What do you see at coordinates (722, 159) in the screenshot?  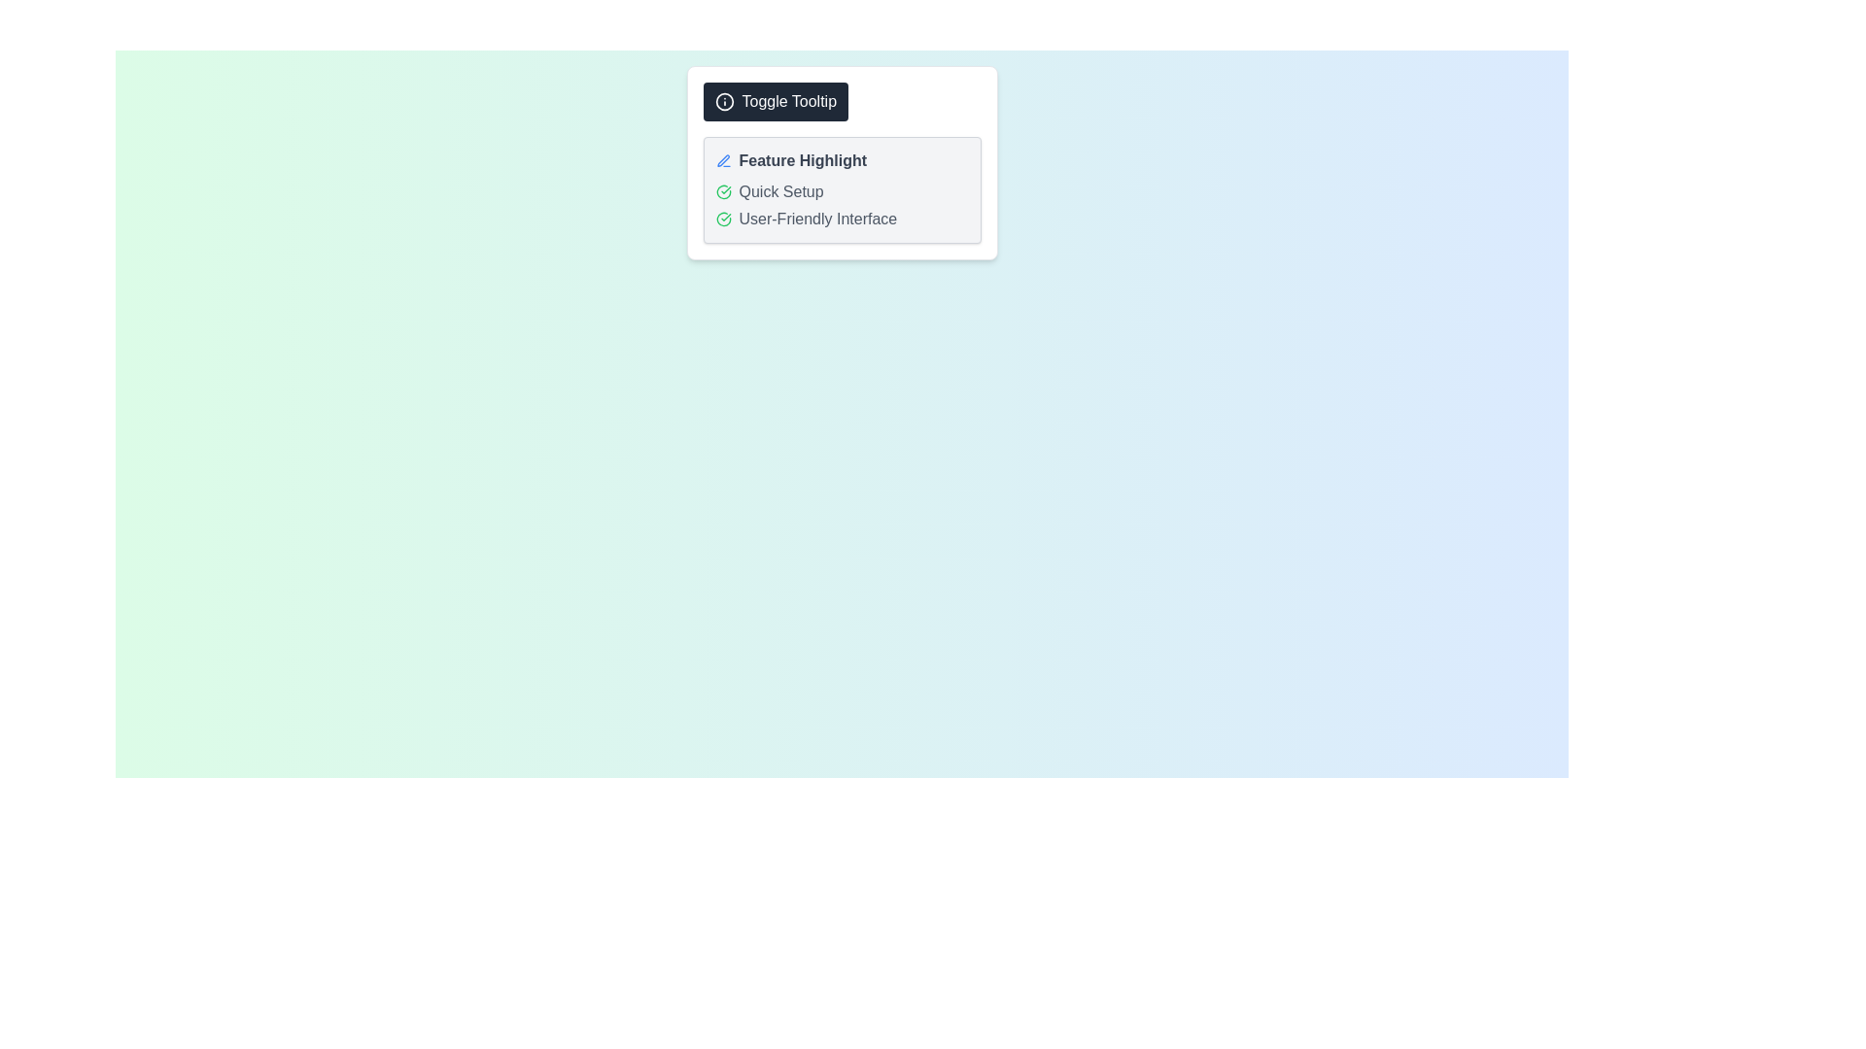 I see `the pen-like icon, which is a blue graphical representation of editing functionality, located to the left of the bold text 'Feature Highlight.'` at bounding box center [722, 159].